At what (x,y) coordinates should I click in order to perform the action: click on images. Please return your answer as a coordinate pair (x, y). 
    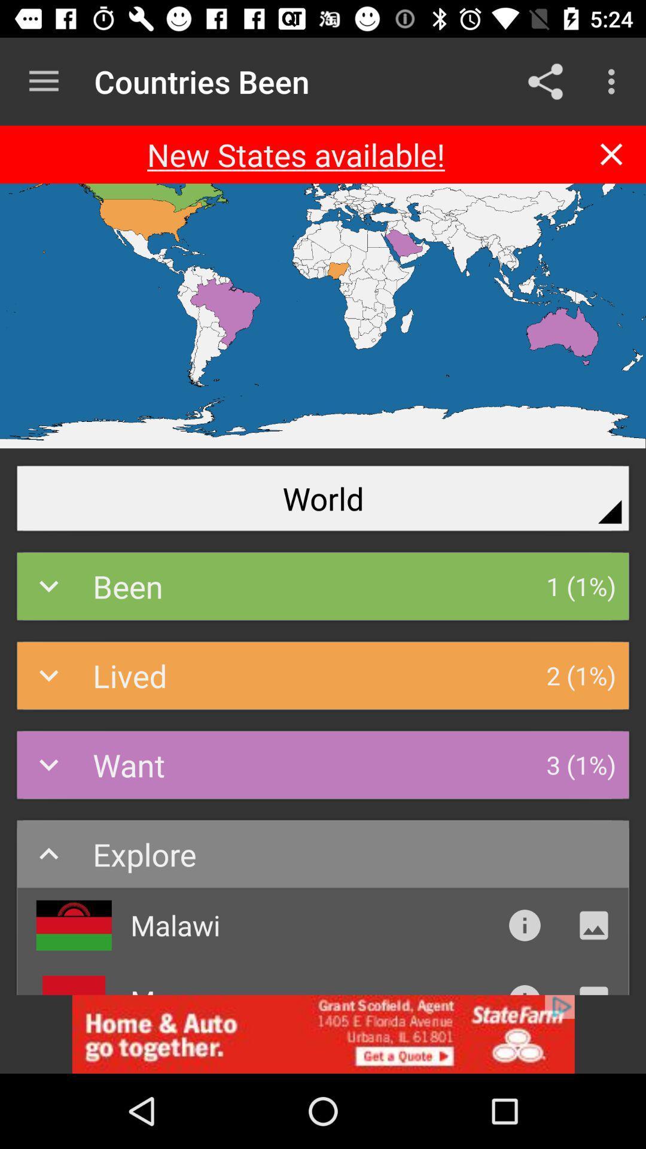
    Looking at the image, I should click on (593, 925).